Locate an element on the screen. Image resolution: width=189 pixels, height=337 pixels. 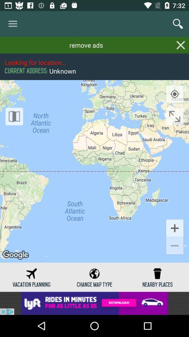
direction selection is located at coordinates (174, 116).